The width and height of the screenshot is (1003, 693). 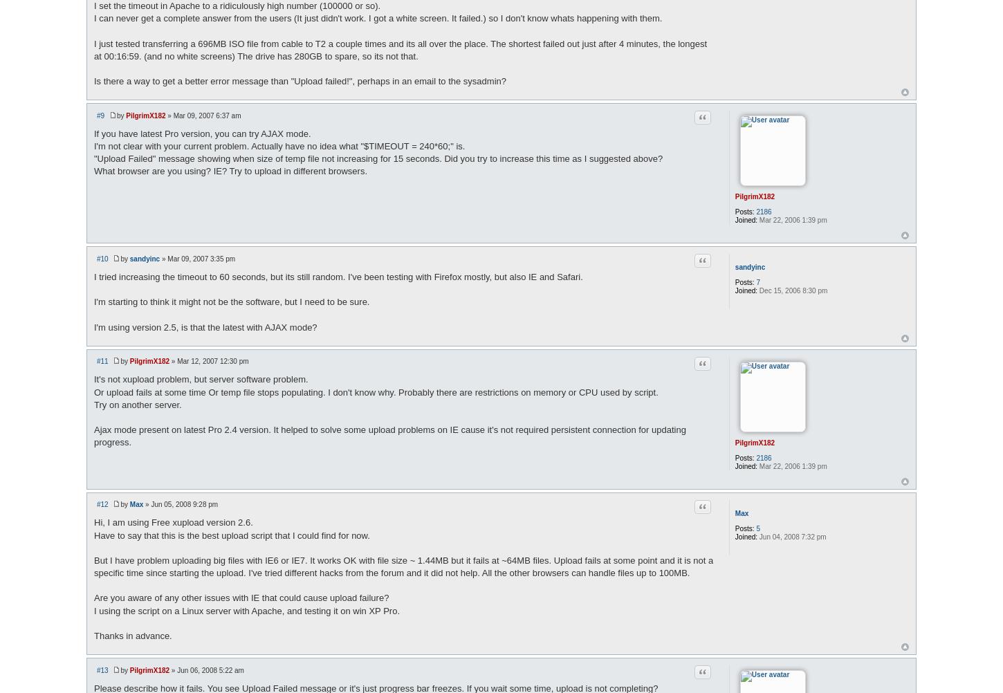 What do you see at coordinates (93, 133) in the screenshot?
I see `'If you have latest Pro version, you can try AJAX mode.'` at bounding box center [93, 133].